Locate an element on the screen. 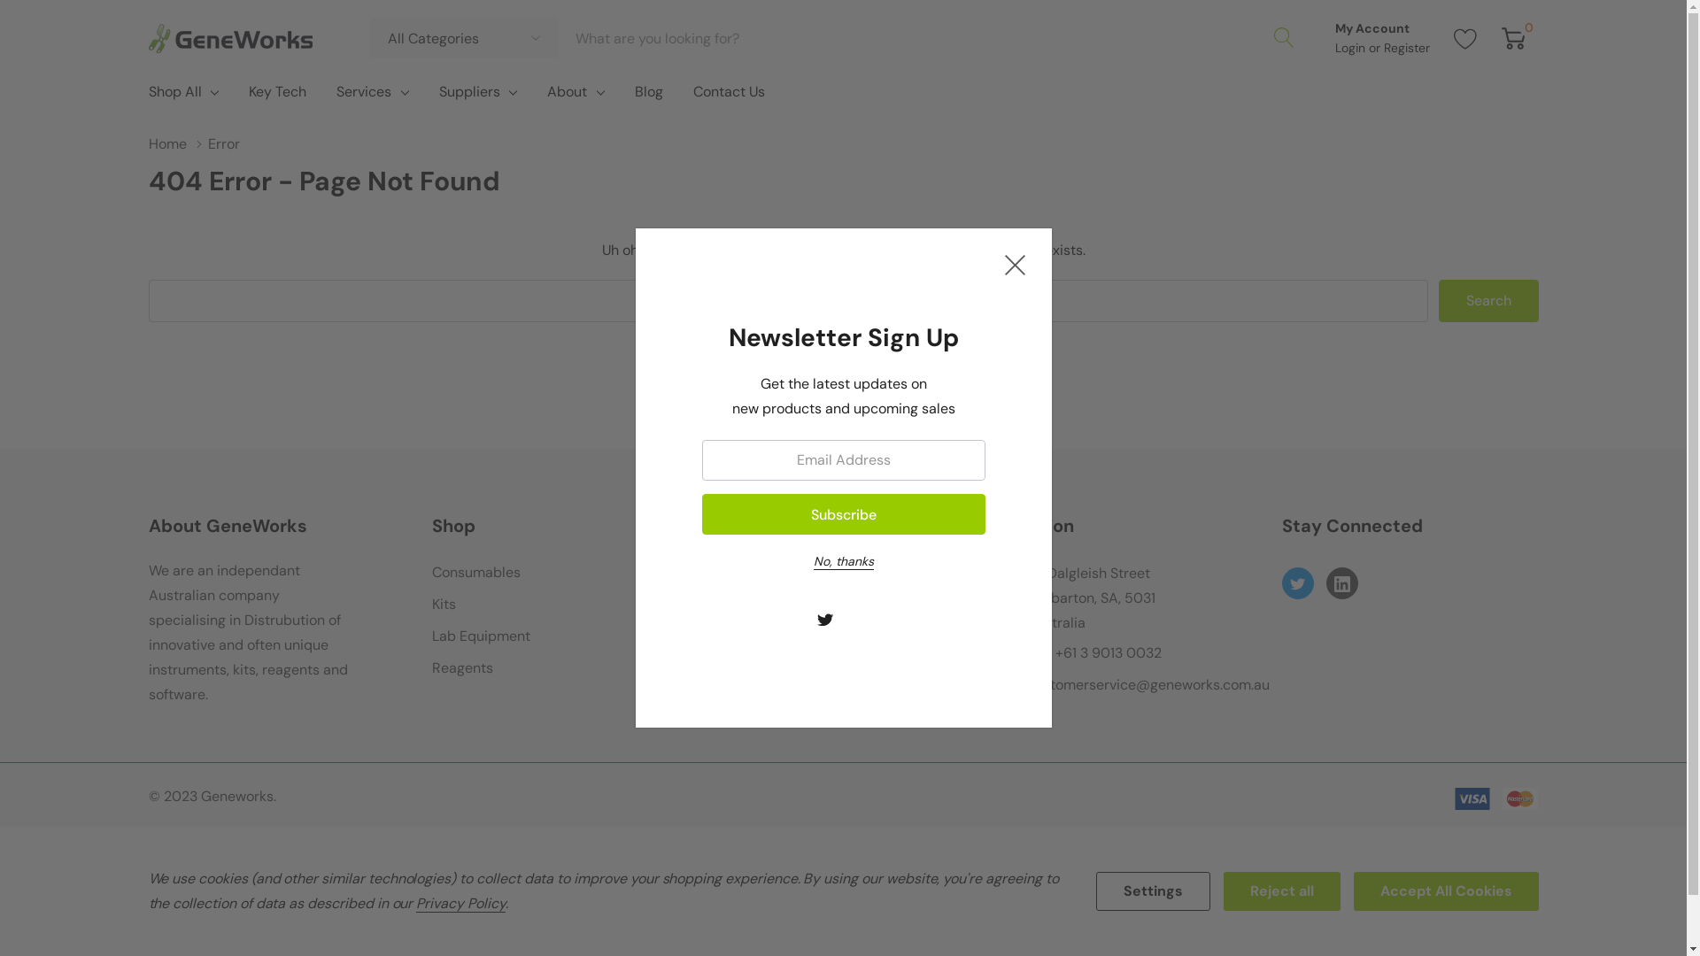 The width and height of the screenshot is (1700, 956). 'Privacy Policy' is located at coordinates (460, 903).